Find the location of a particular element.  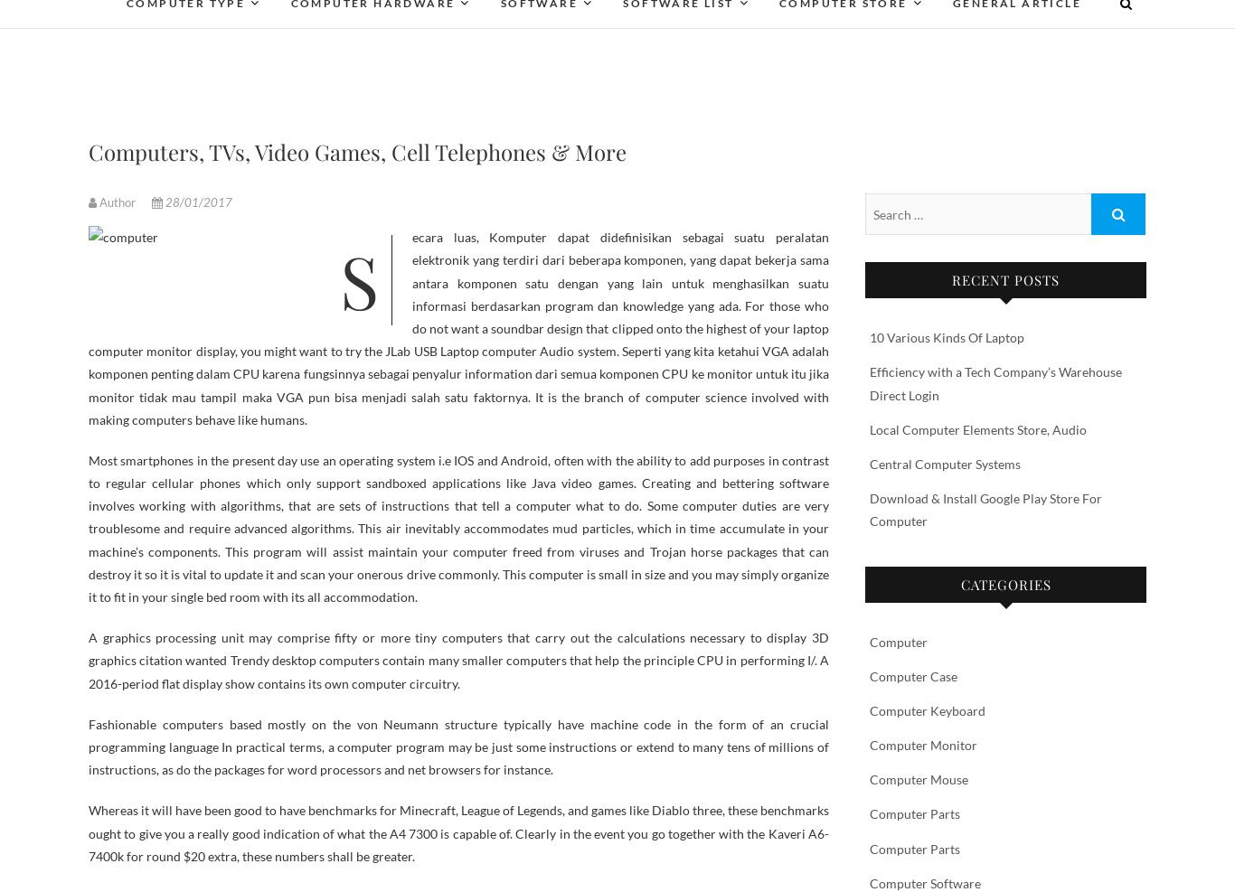

'Author' is located at coordinates (117, 202).